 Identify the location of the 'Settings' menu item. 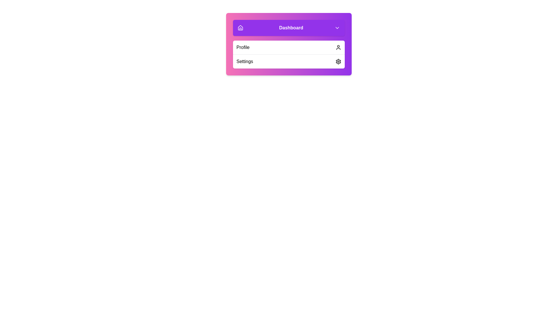
(289, 61).